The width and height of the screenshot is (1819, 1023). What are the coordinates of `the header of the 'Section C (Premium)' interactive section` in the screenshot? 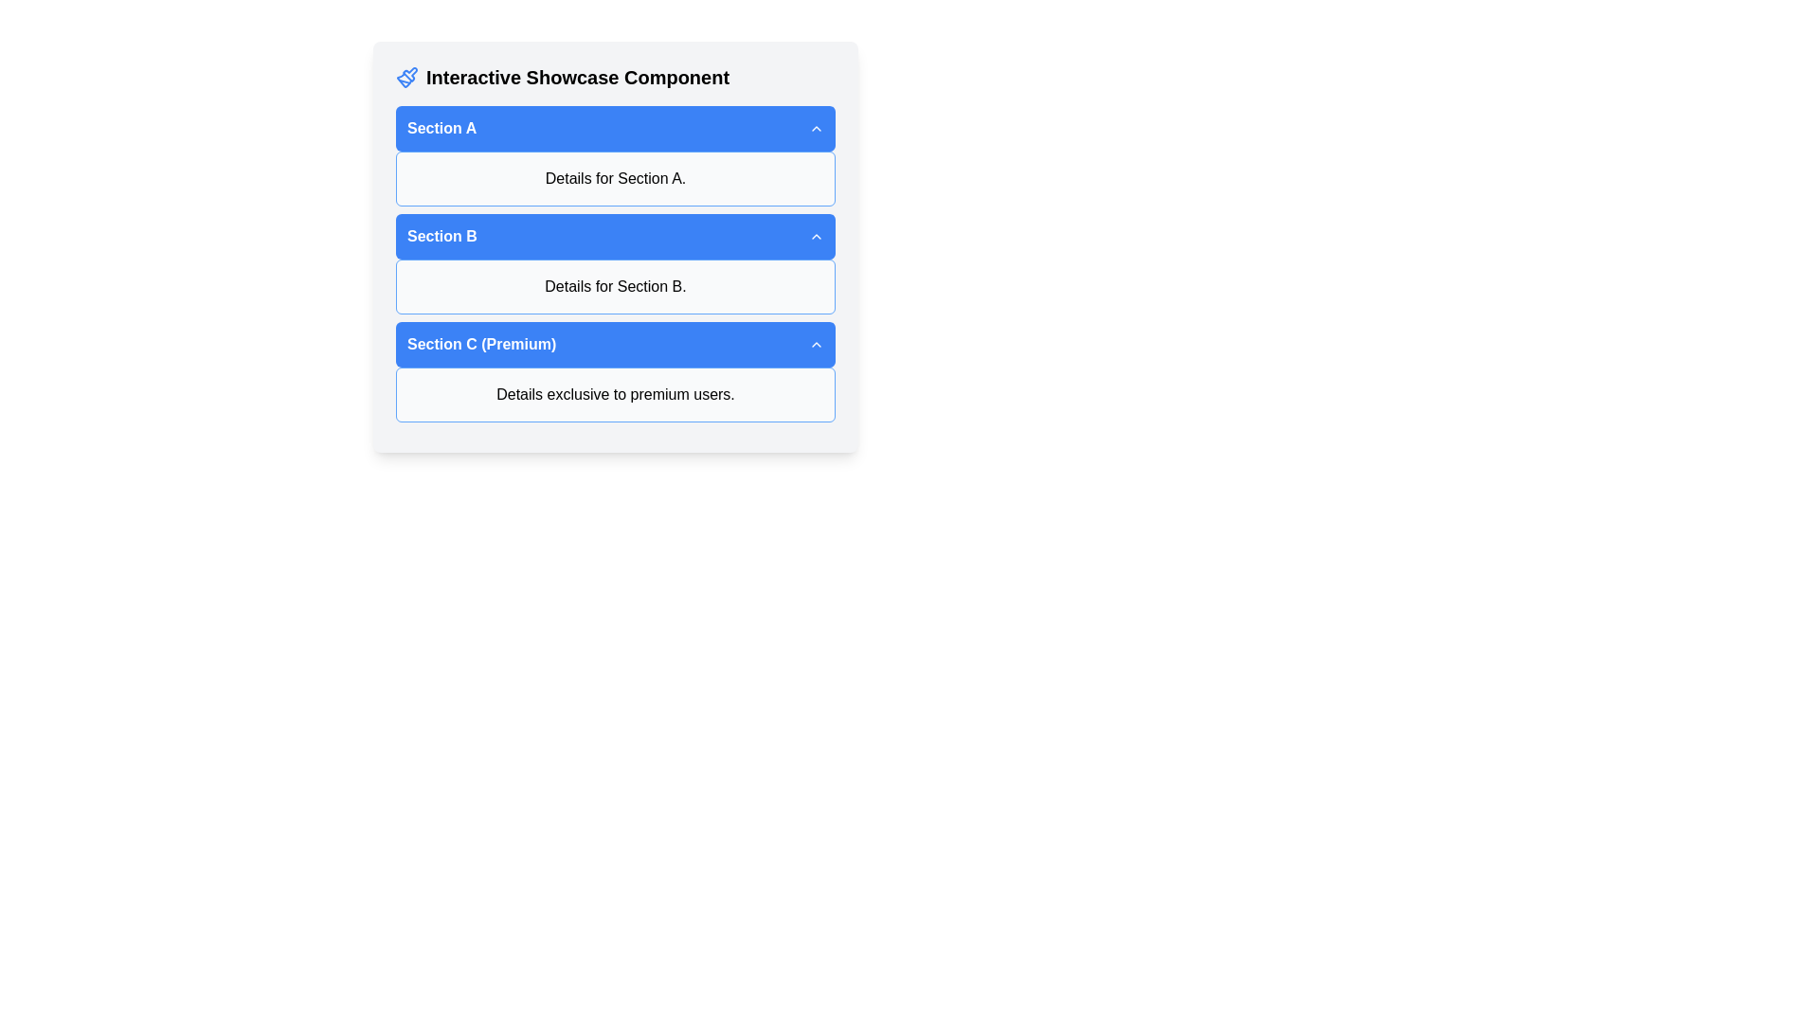 It's located at (615, 372).